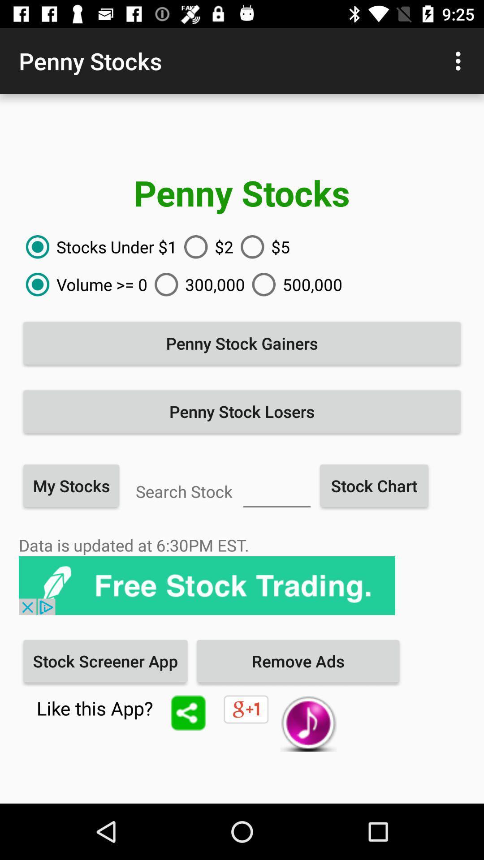 This screenshot has height=860, width=484. What do you see at coordinates (308, 723) in the screenshot?
I see `the music icon` at bounding box center [308, 723].